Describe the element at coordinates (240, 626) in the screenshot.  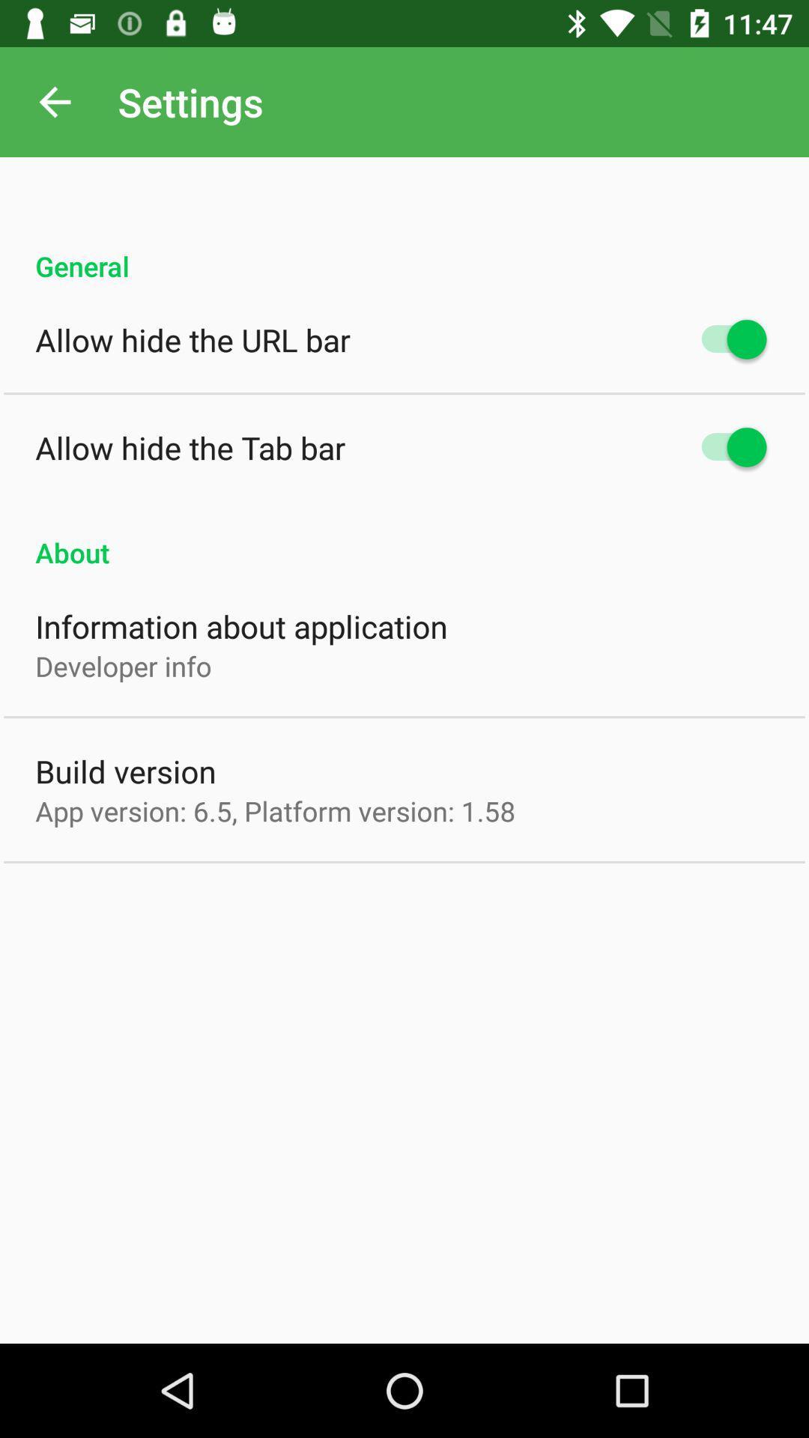
I see `icon above developer info icon` at that location.